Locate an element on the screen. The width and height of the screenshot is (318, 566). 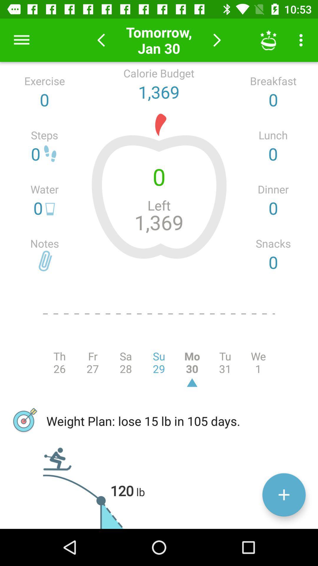
advertisement day diary is located at coordinates (284, 495).